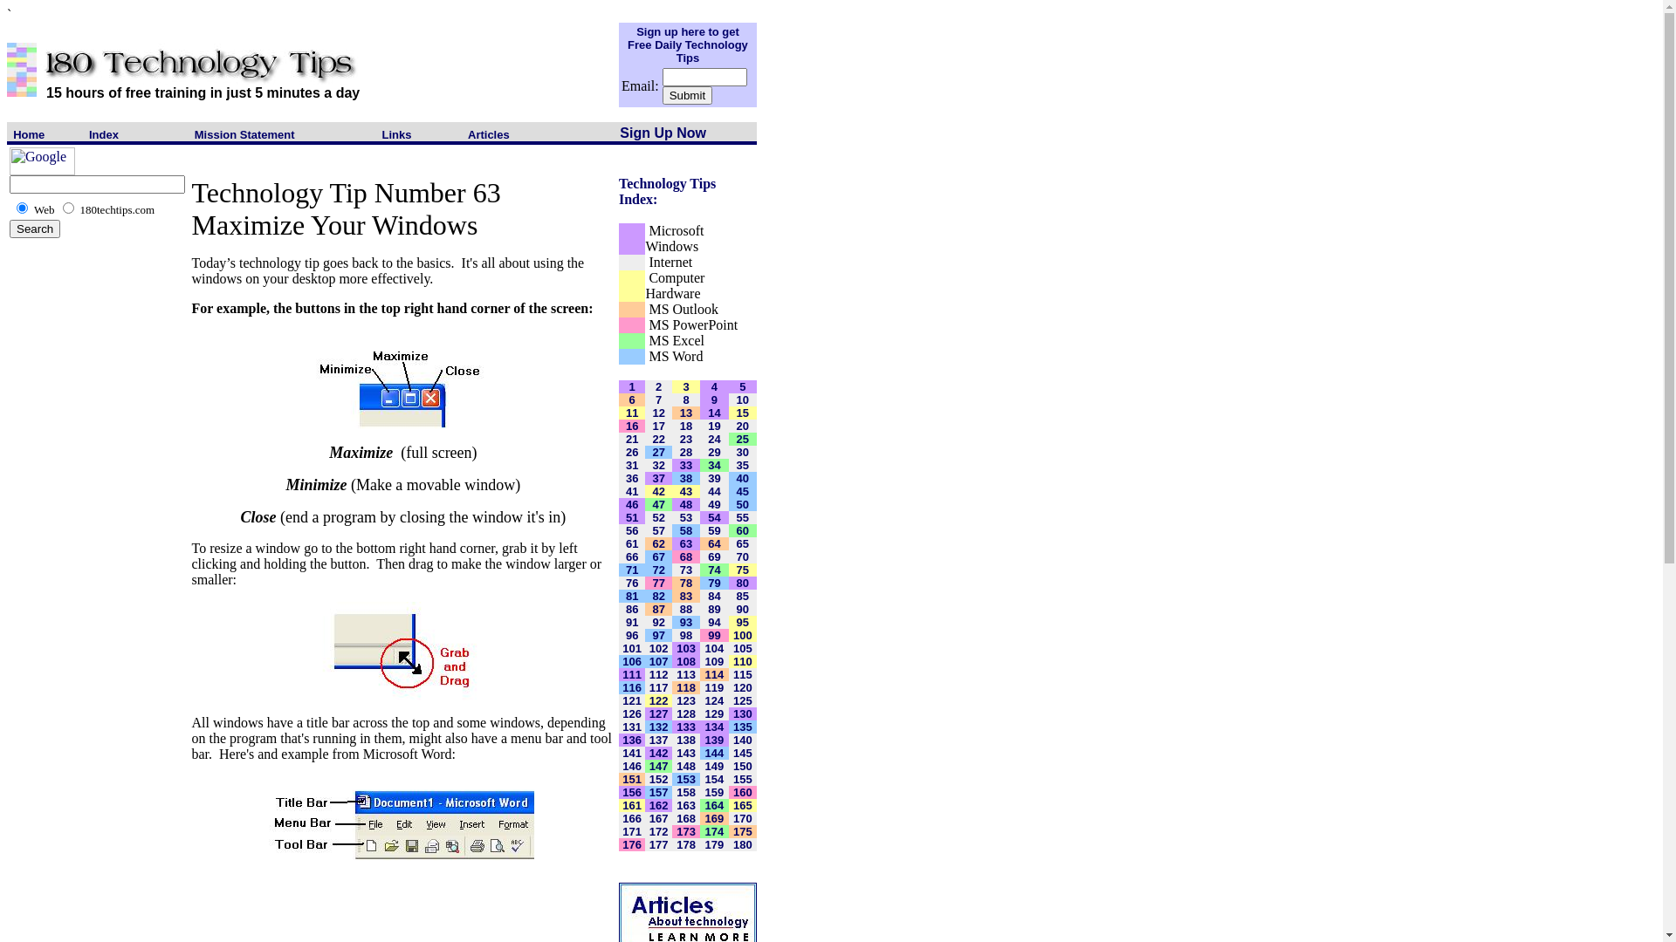  What do you see at coordinates (742, 791) in the screenshot?
I see `'160'` at bounding box center [742, 791].